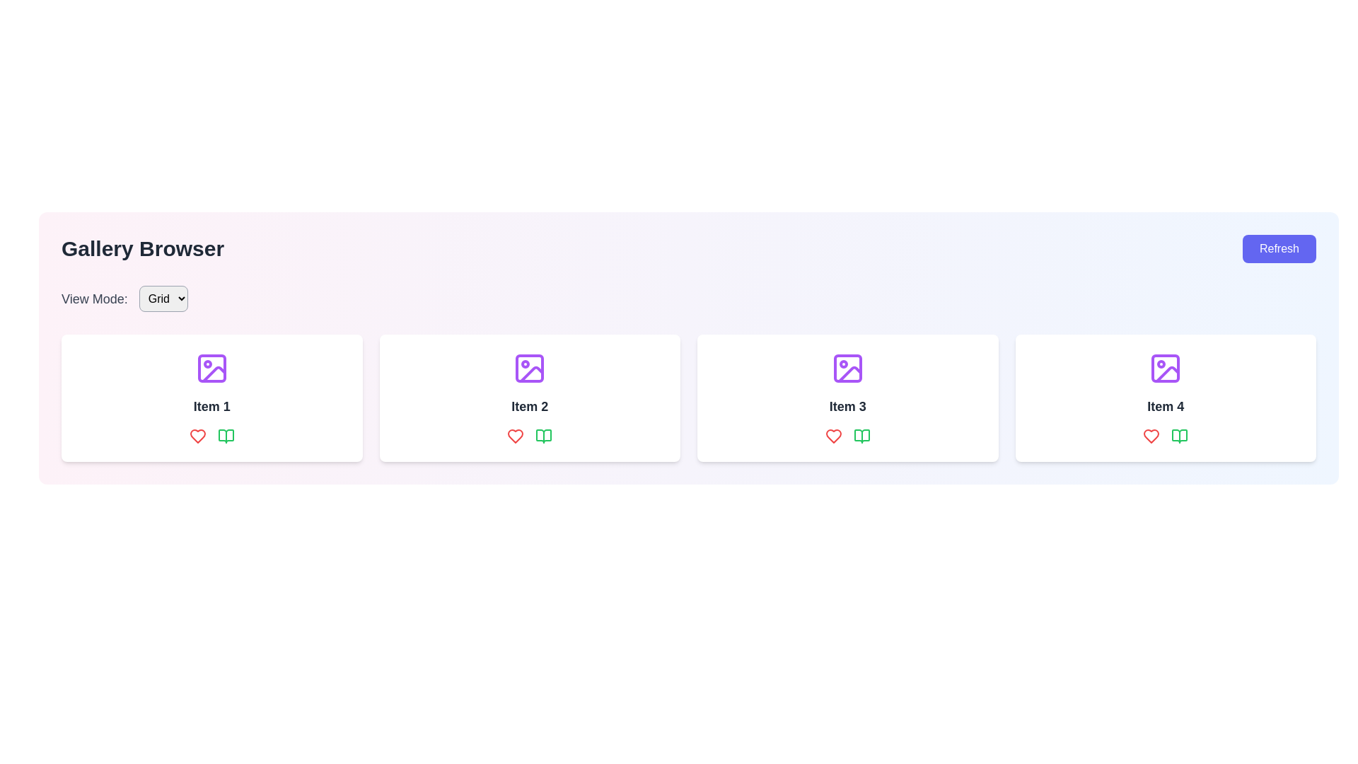 Image resolution: width=1358 pixels, height=764 pixels. Describe the element at coordinates (1166, 367) in the screenshot. I see `the Decorative icon located at the top-center of the 'Item 4' card, which visually indicates that this card relates to image or gallery content` at that location.